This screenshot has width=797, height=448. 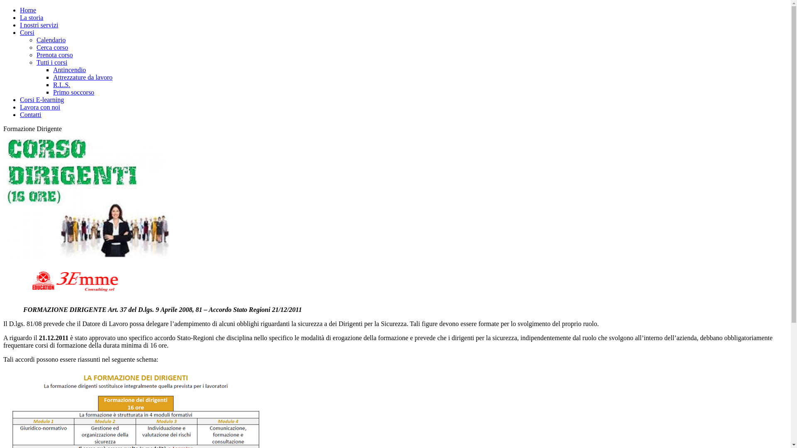 I want to click on 'Corsi', so click(x=27, y=32).